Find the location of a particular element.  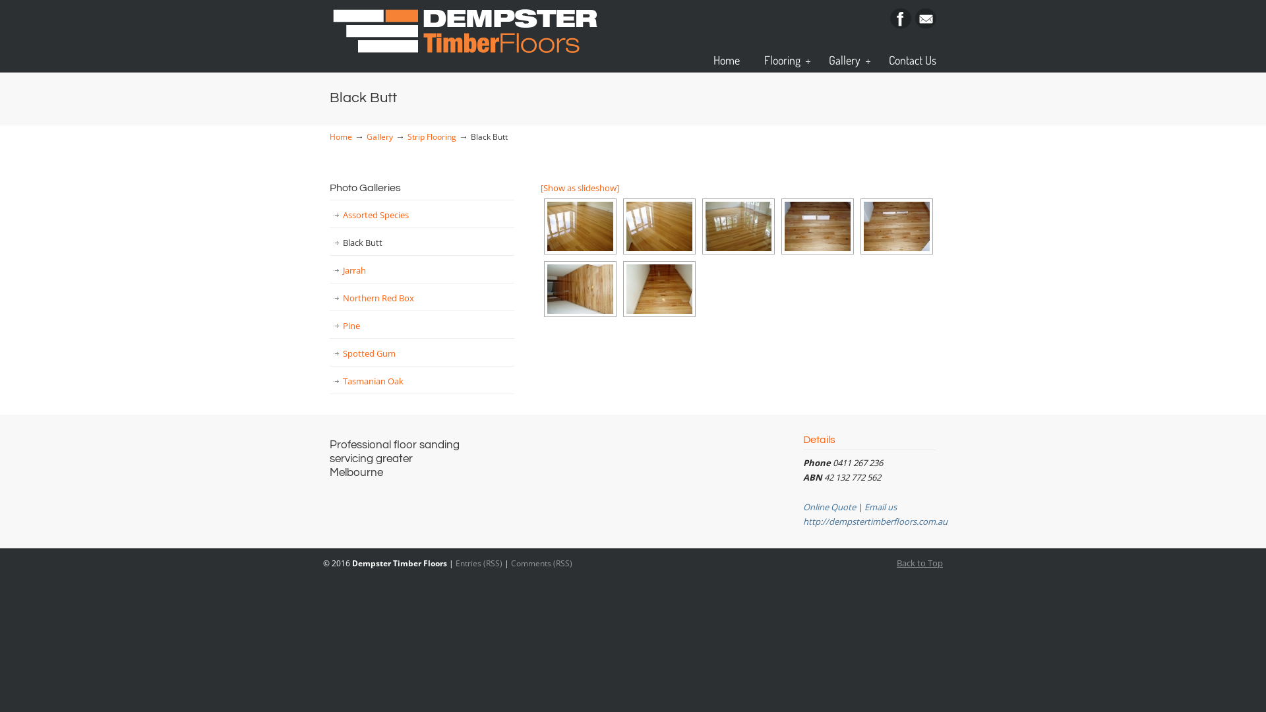

'E-mail' is located at coordinates (924, 25).